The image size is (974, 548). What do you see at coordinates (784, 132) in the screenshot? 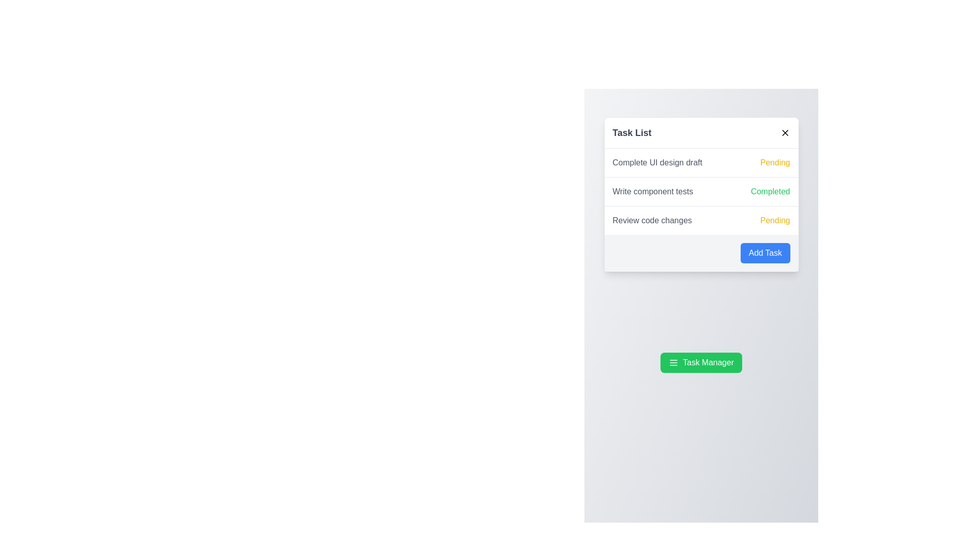
I see `the close icon button located in the top-right corner of the task list card` at bounding box center [784, 132].